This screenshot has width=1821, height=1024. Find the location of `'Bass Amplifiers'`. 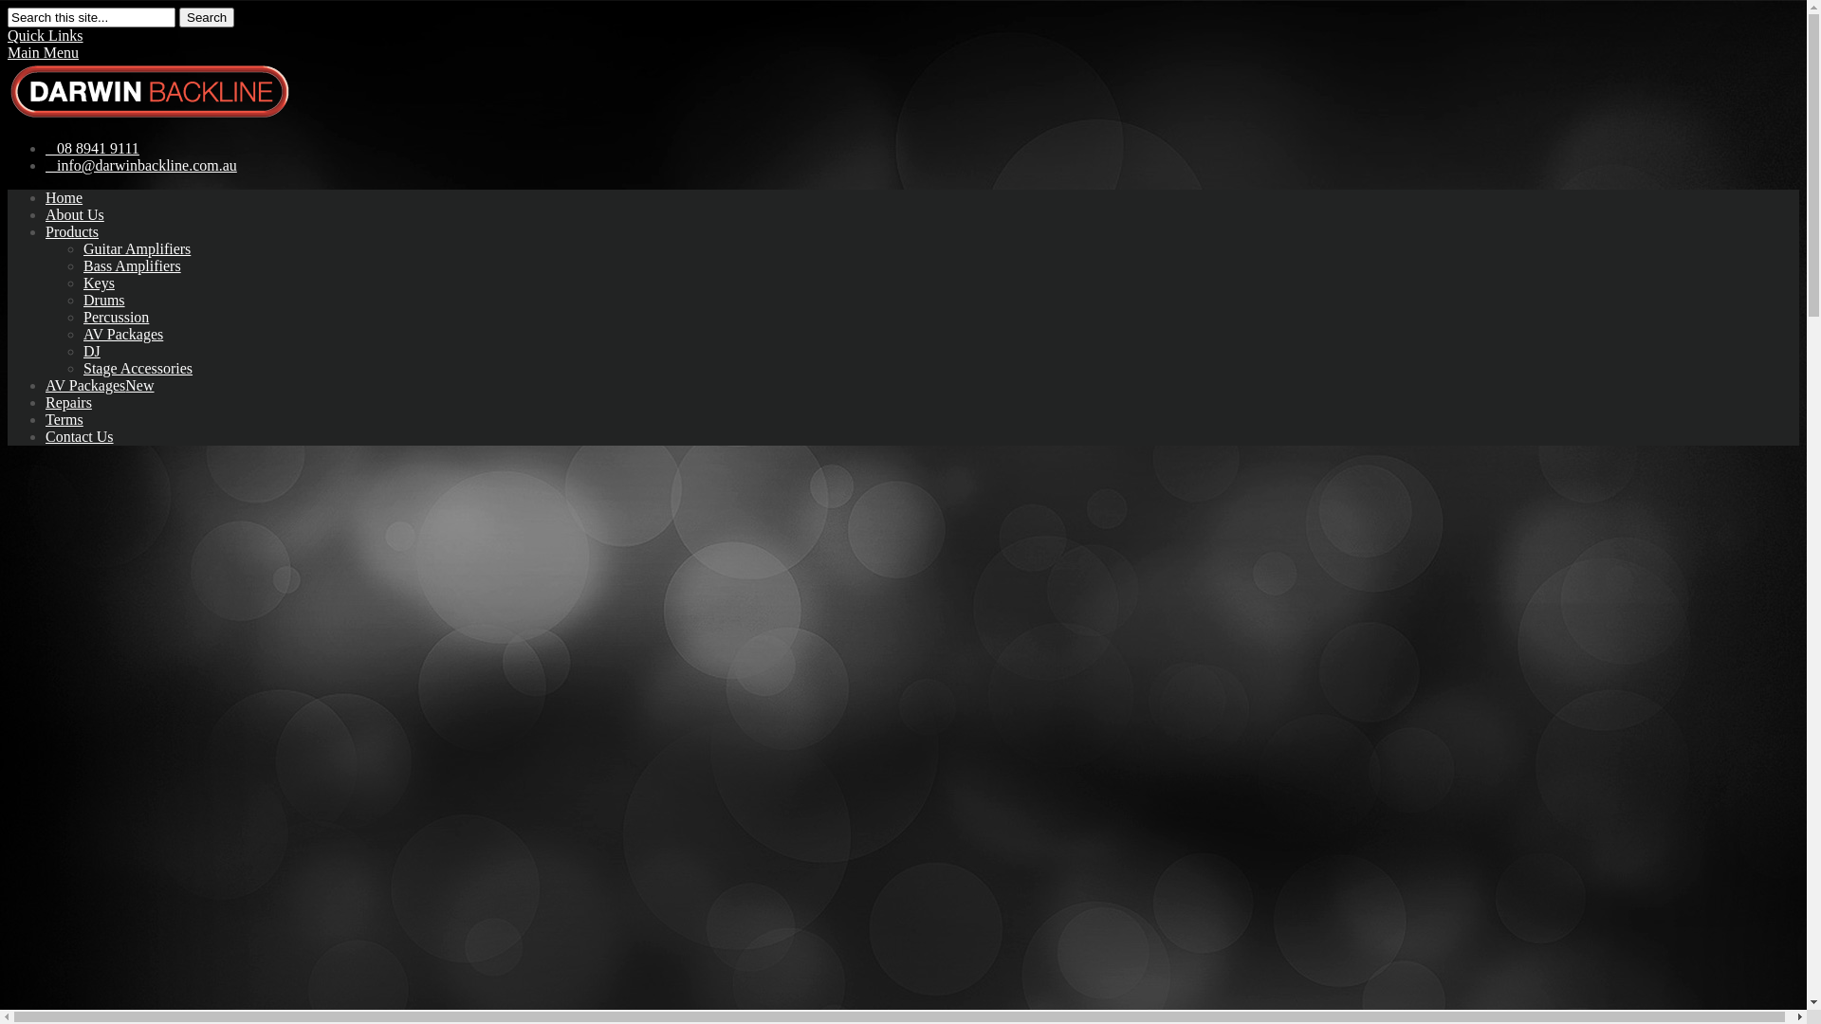

'Bass Amplifiers' is located at coordinates (131, 265).